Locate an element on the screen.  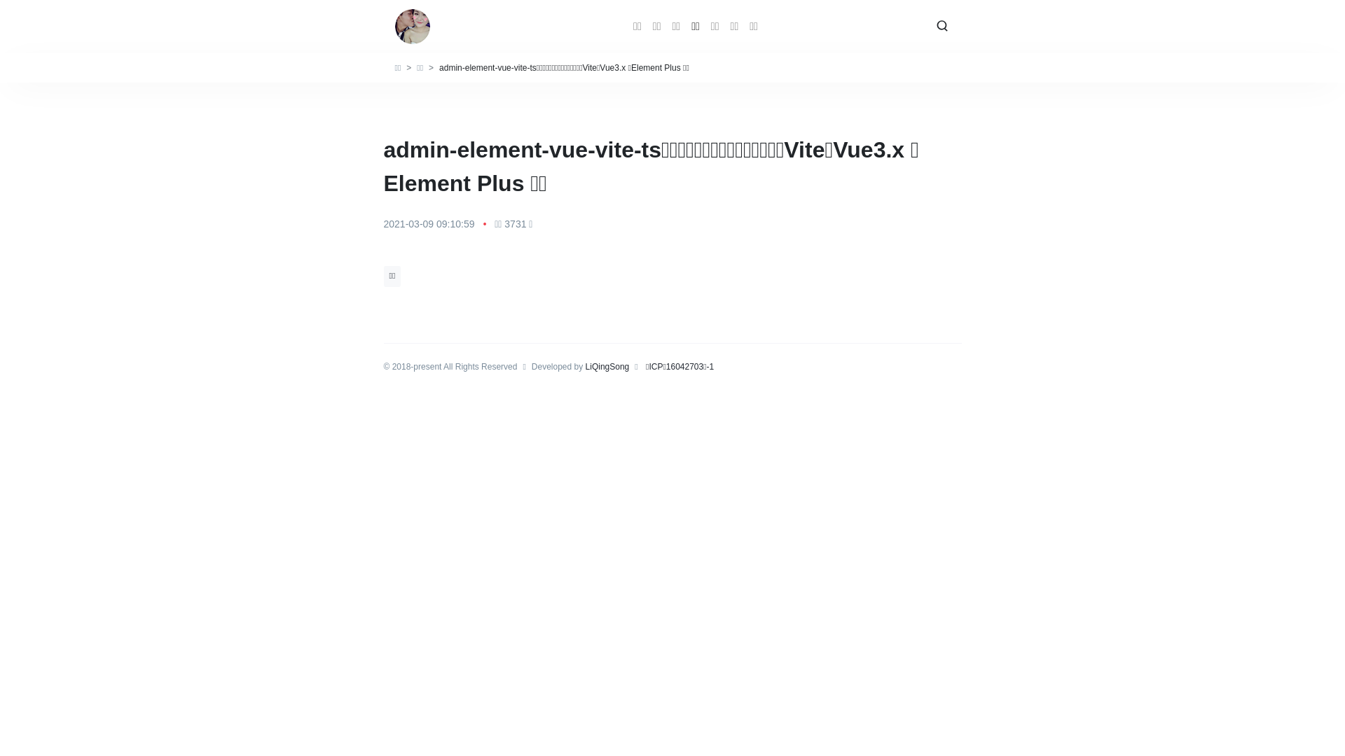
'LiQingSong' is located at coordinates (607, 366).